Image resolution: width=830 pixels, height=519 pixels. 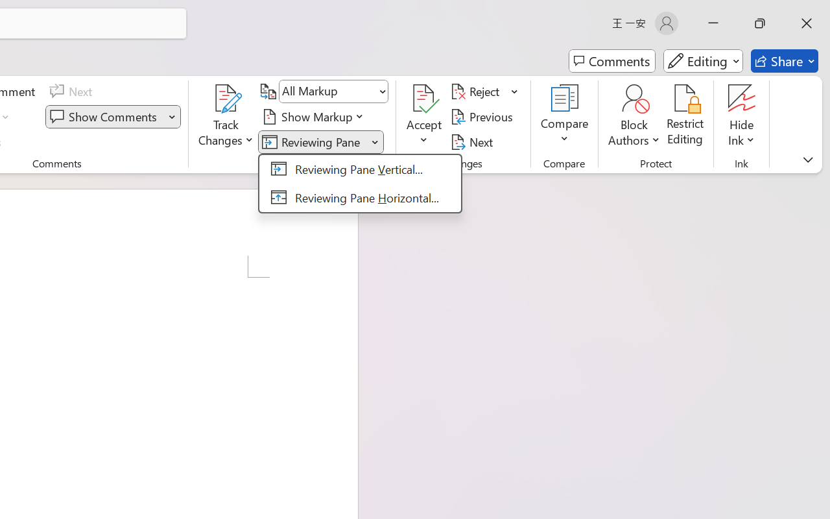 I want to click on 'Display for Review', so click(x=333, y=91).